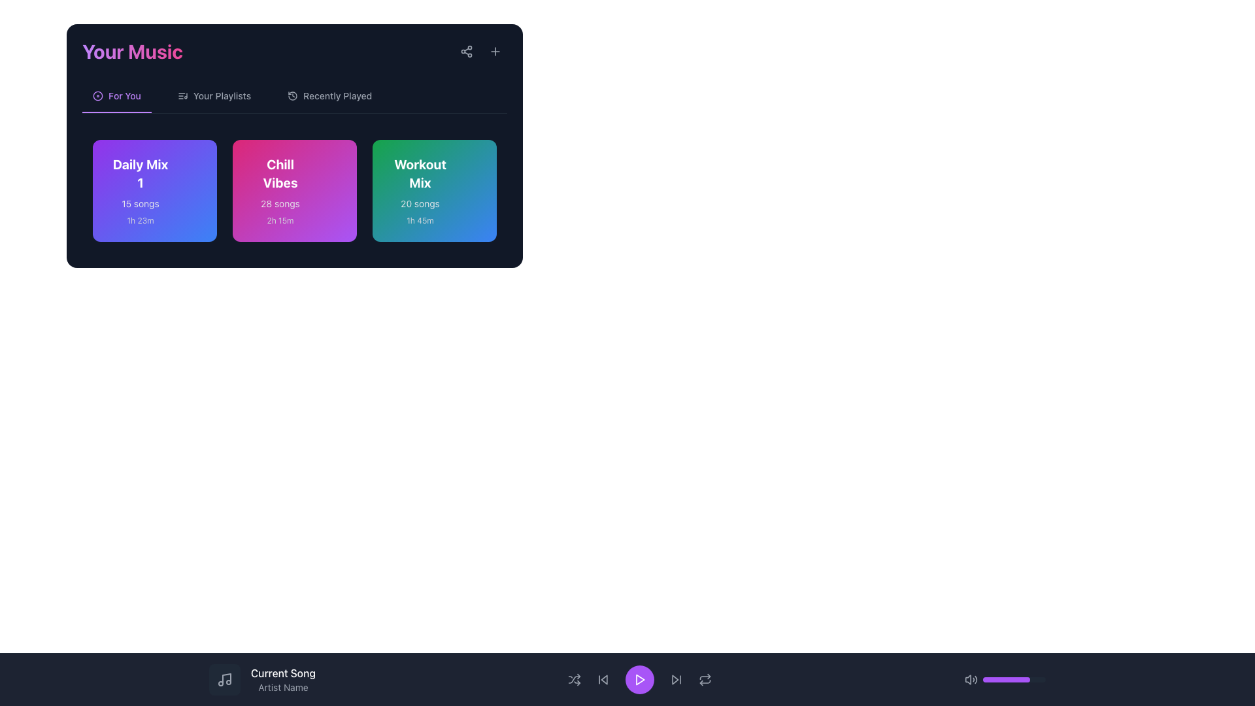  What do you see at coordinates (575, 679) in the screenshot?
I see `the shuffle icon located in the bottom navigation bar` at bounding box center [575, 679].